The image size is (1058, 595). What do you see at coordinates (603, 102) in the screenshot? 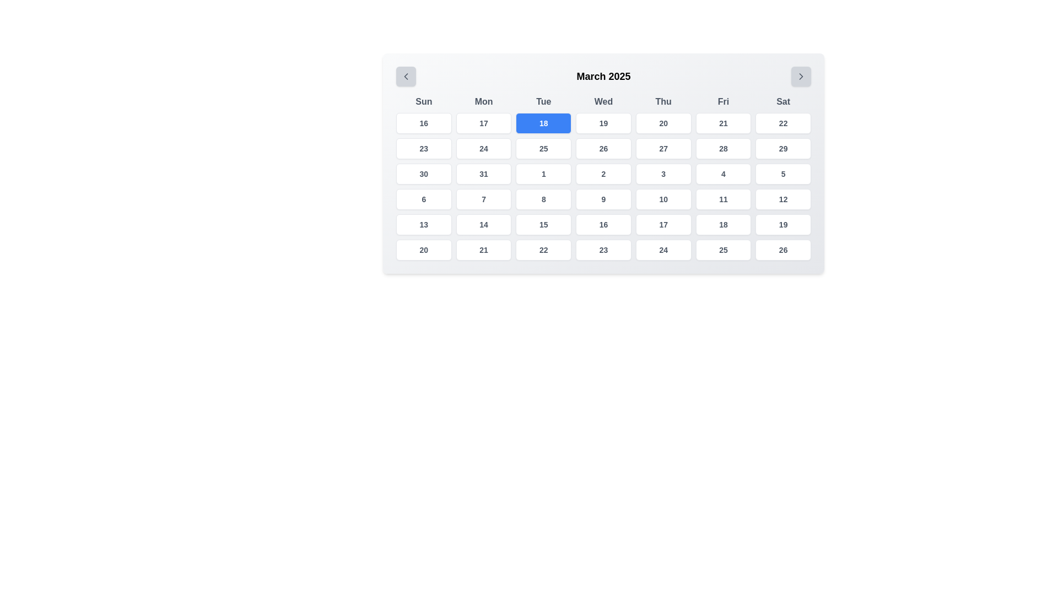
I see `the Wednesday column header in the calendar grid, which is the fourth column between 'Tue' and 'Thu'` at bounding box center [603, 102].